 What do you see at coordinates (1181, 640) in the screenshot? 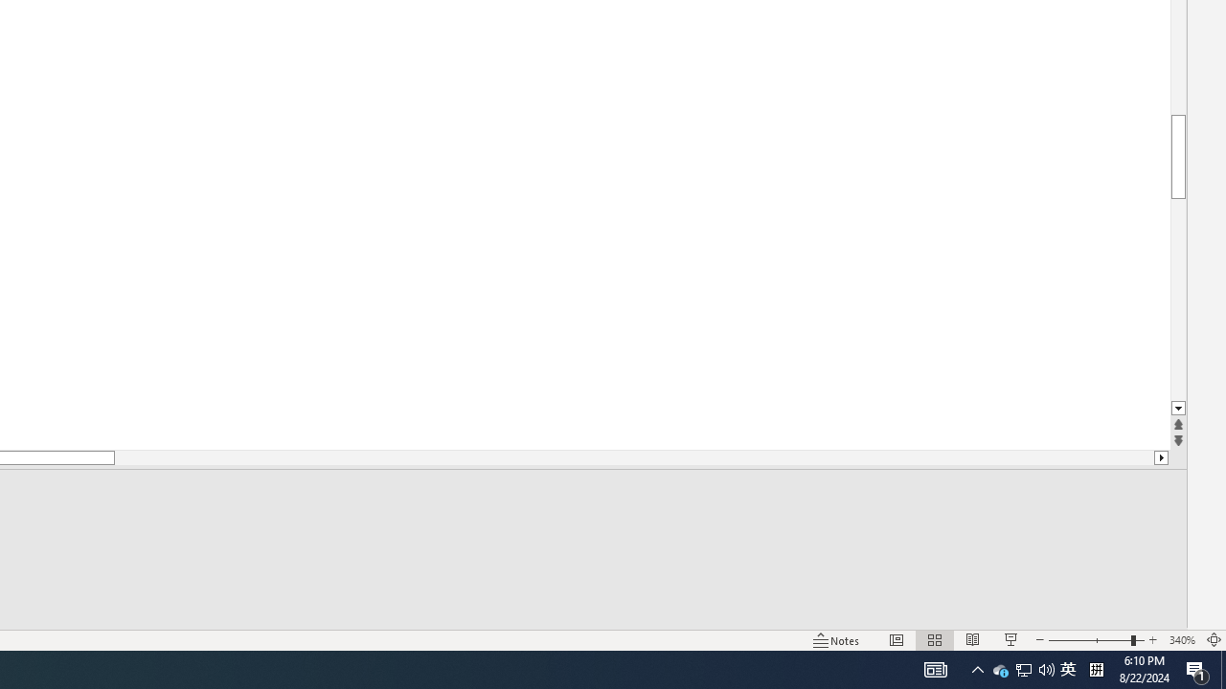
I see `'Zoom 340%'` at bounding box center [1181, 640].